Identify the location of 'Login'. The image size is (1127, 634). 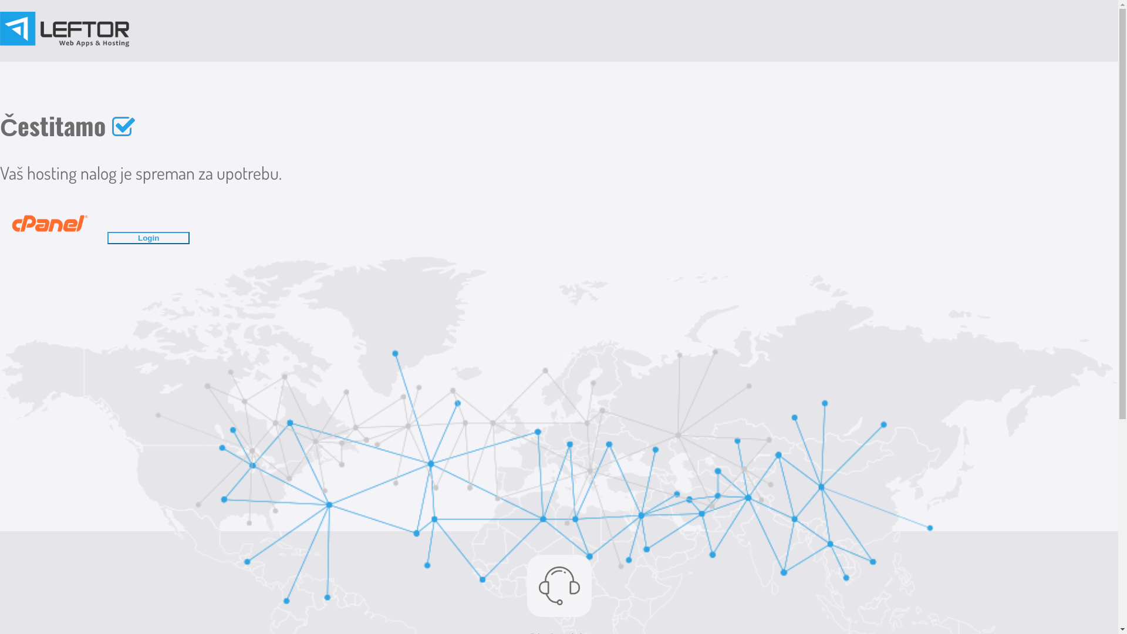
(148, 238).